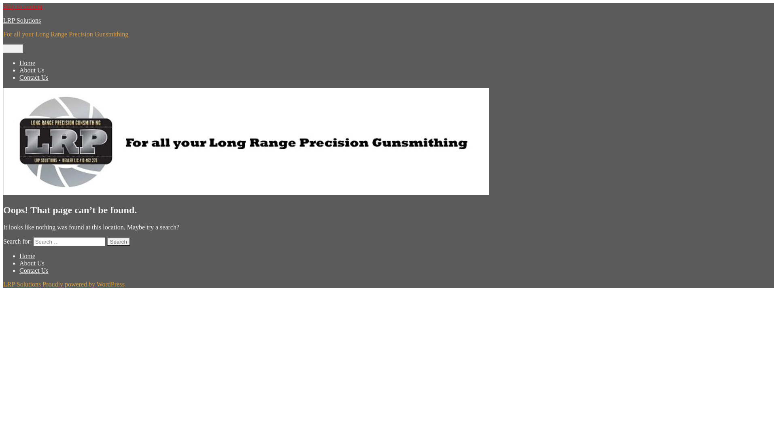 The height and width of the screenshot is (437, 777). Describe the element at coordinates (32, 263) in the screenshot. I see `'About Us'` at that location.